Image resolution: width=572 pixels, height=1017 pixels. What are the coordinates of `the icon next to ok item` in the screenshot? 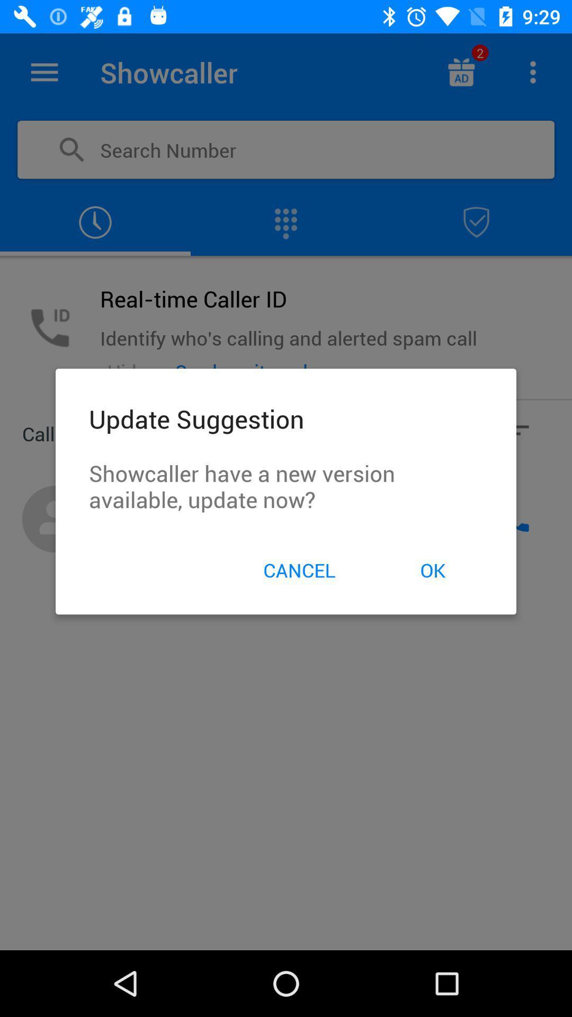 It's located at (299, 569).